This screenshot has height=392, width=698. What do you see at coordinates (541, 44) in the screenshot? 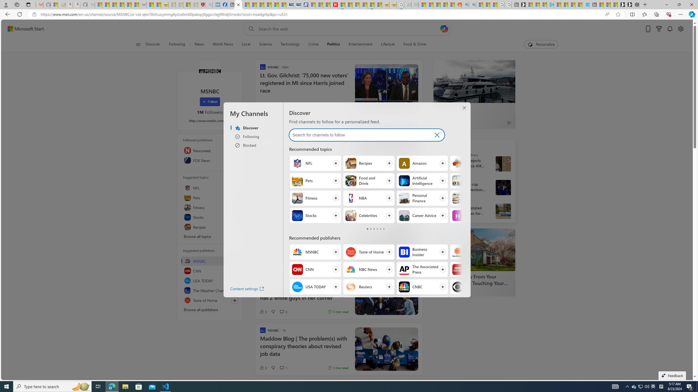
I see `'Personalize'` at bounding box center [541, 44].